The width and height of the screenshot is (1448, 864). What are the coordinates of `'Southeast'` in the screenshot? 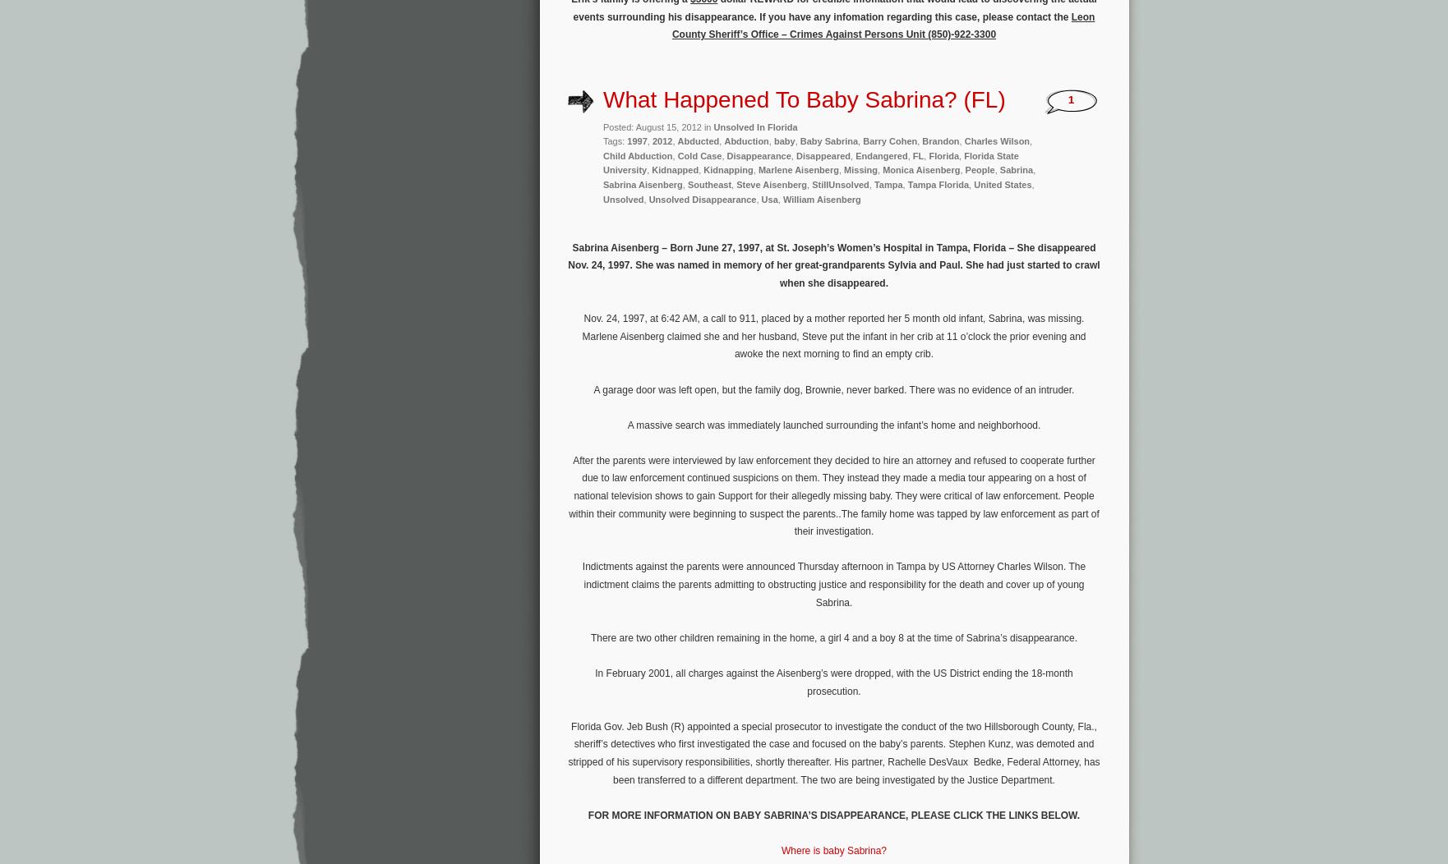 It's located at (686, 182).